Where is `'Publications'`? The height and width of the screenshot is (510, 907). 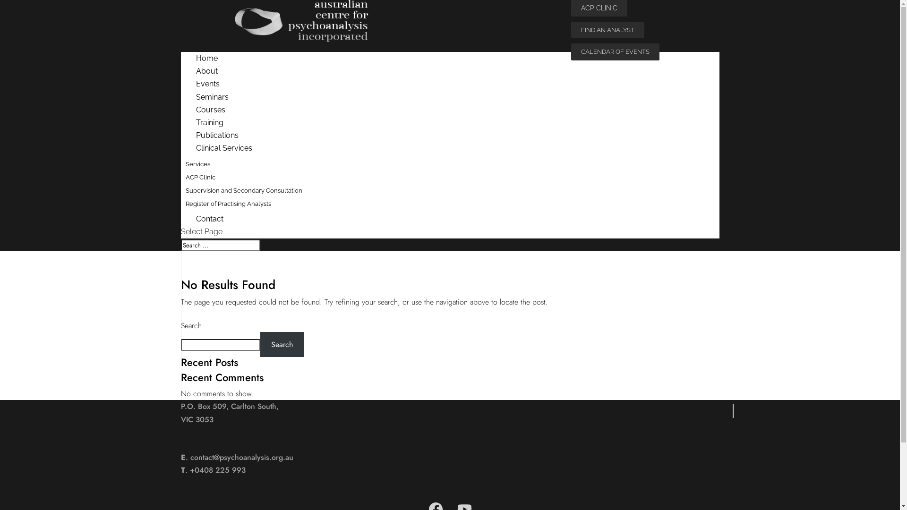
'Publications' is located at coordinates (216, 135).